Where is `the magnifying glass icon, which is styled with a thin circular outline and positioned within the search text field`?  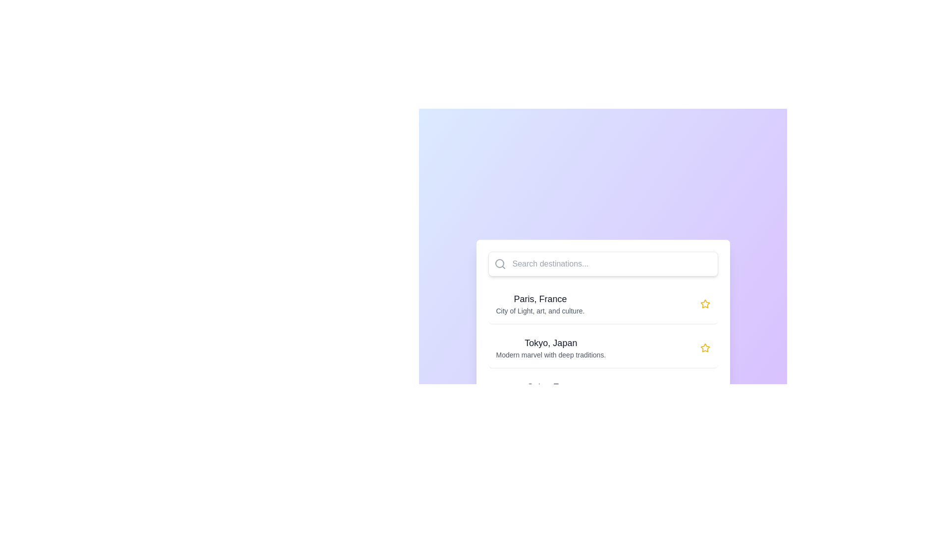
the magnifying glass icon, which is styled with a thin circular outline and positioned within the search text field is located at coordinates (500, 263).